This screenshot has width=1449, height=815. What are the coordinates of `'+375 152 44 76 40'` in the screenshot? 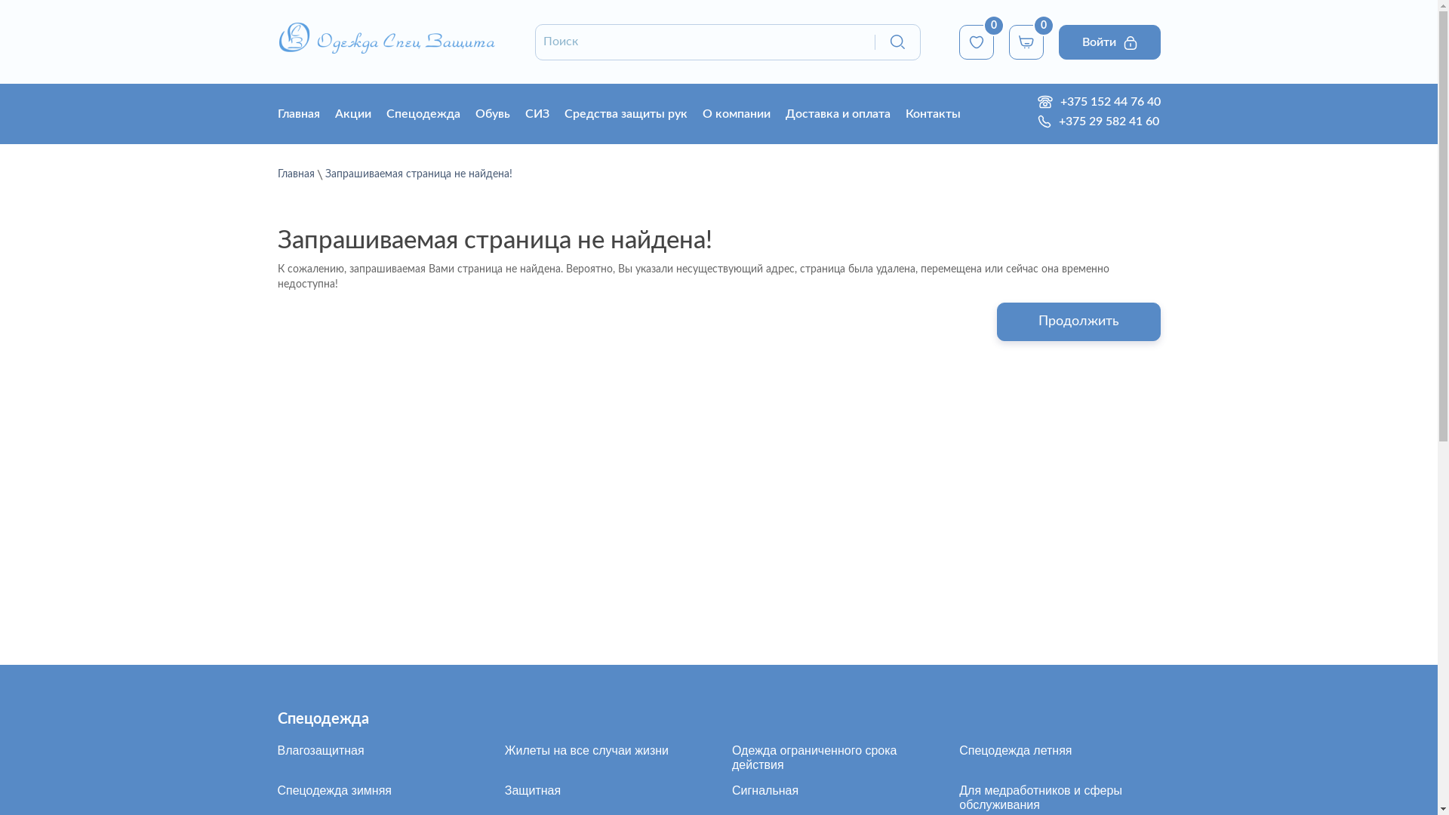 It's located at (1106, 102).